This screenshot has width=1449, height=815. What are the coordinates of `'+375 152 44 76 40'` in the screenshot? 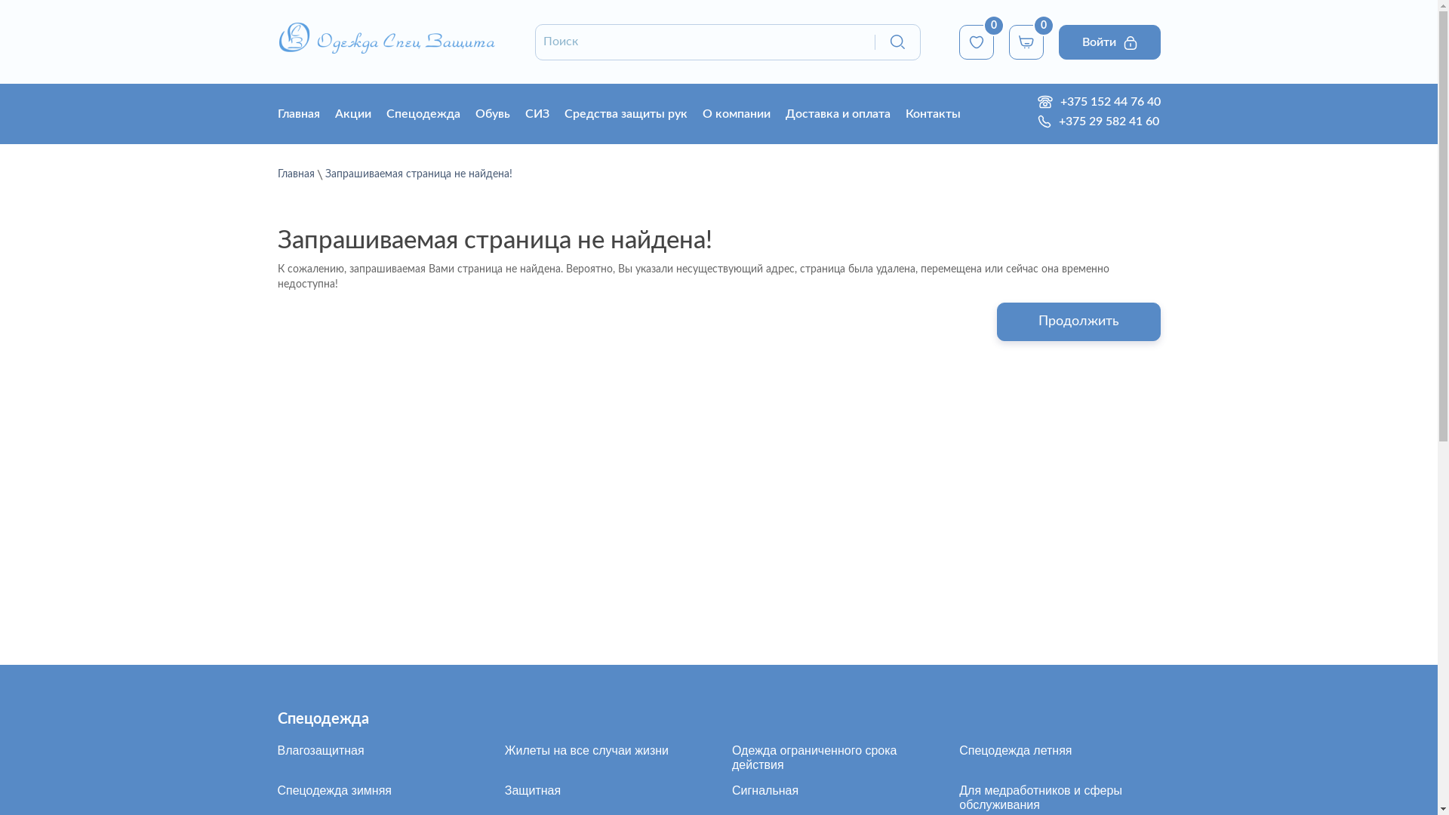 It's located at (1106, 102).